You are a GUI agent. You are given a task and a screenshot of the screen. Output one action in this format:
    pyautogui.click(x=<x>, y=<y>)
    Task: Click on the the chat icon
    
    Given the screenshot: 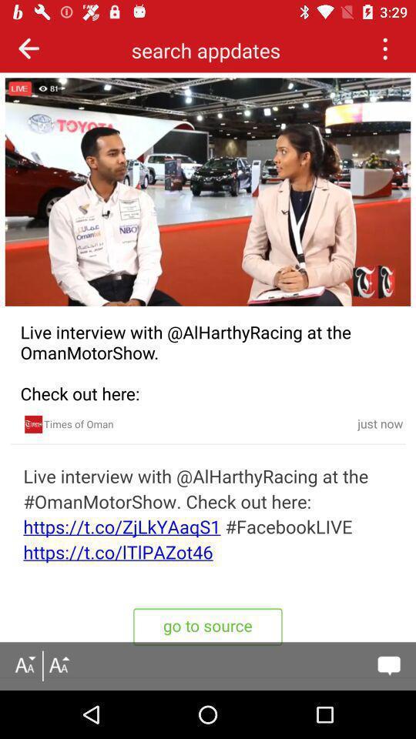 What is the action you would take?
    pyautogui.click(x=388, y=665)
    